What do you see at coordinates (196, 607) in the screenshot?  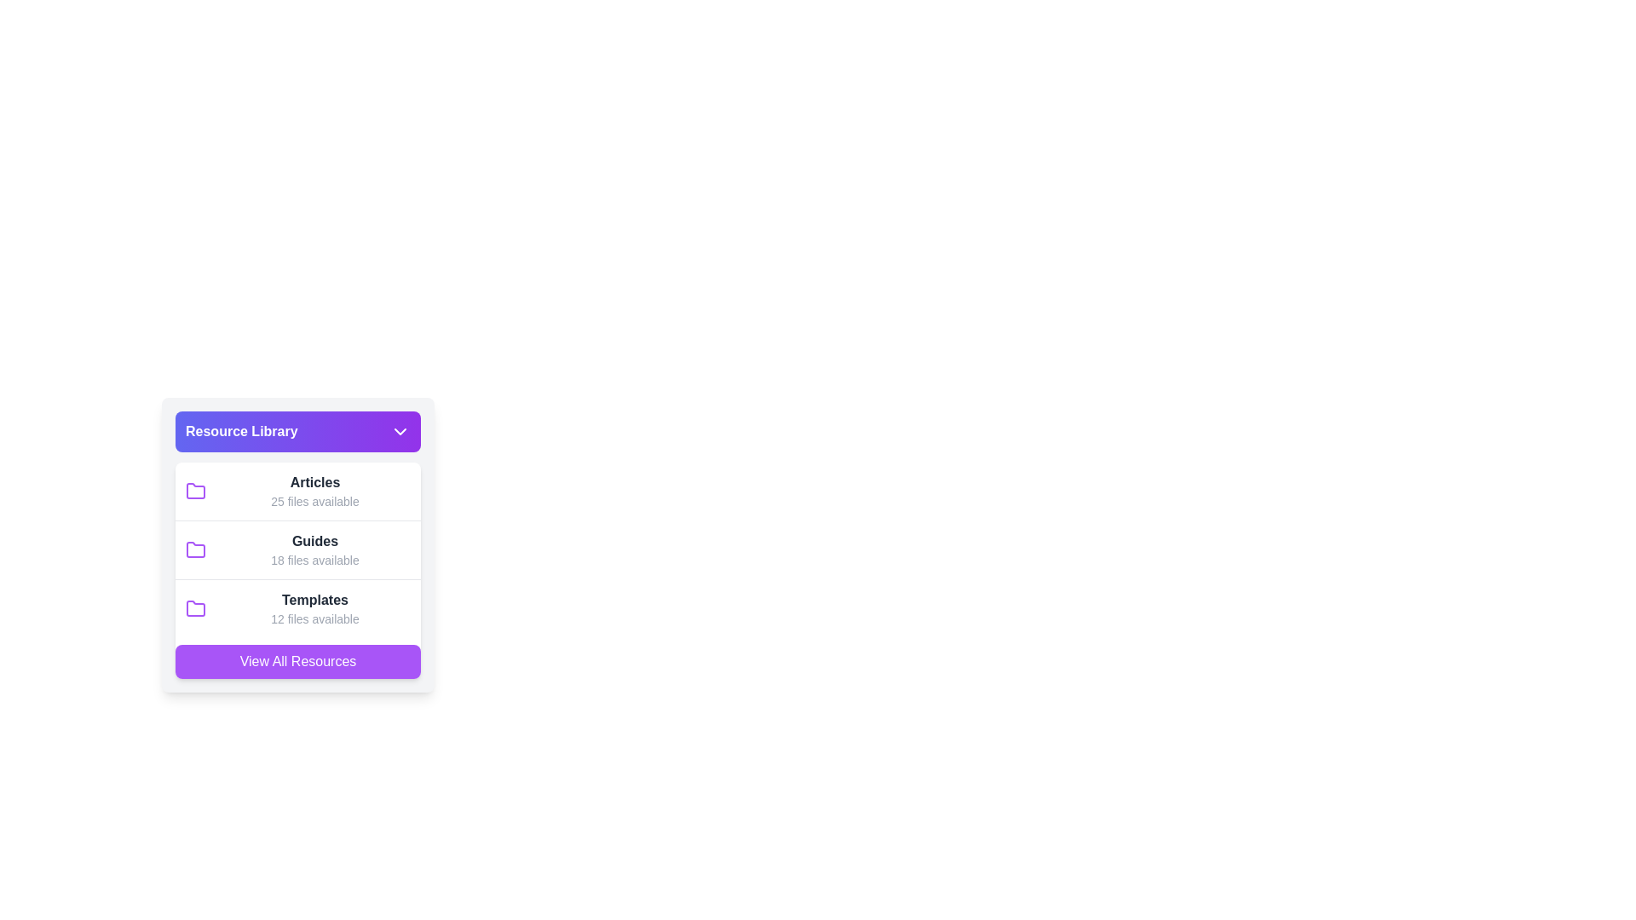 I see `the 'Templates' folder icon, which is the third item in the vertical list within the 'Resource Library' card` at bounding box center [196, 607].